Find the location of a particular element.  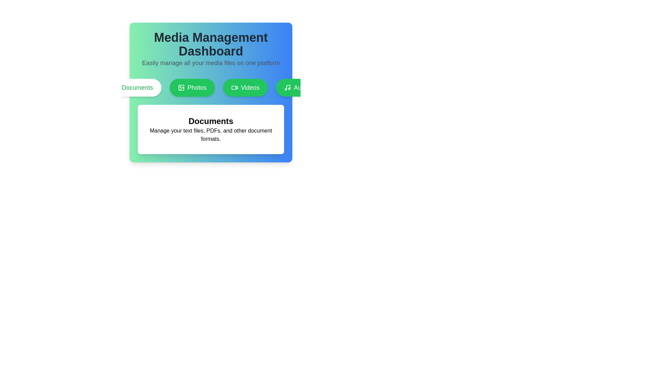

the small rounded rectangular graphical icon located in the center of a video icon above the 'Videos' tab is located at coordinates (234, 87).